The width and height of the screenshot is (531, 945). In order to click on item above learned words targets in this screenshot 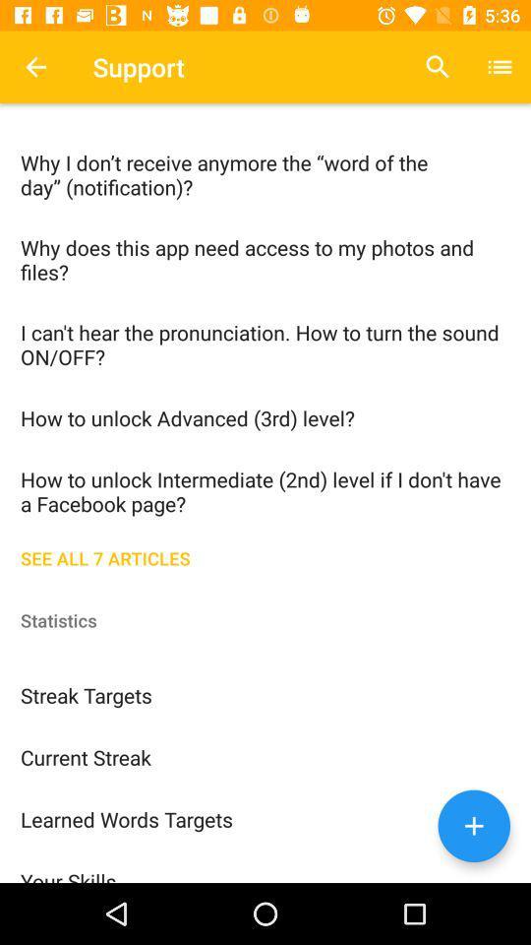, I will do `click(265, 755)`.